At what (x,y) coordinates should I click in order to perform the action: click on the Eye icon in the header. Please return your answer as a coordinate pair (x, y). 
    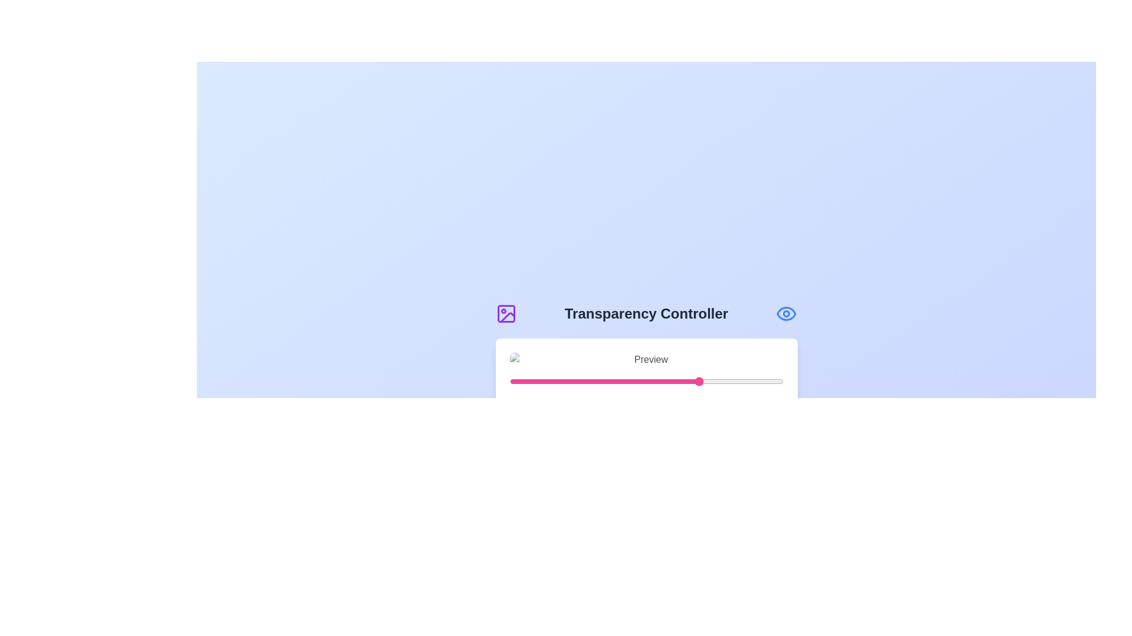
    Looking at the image, I should click on (787, 313).